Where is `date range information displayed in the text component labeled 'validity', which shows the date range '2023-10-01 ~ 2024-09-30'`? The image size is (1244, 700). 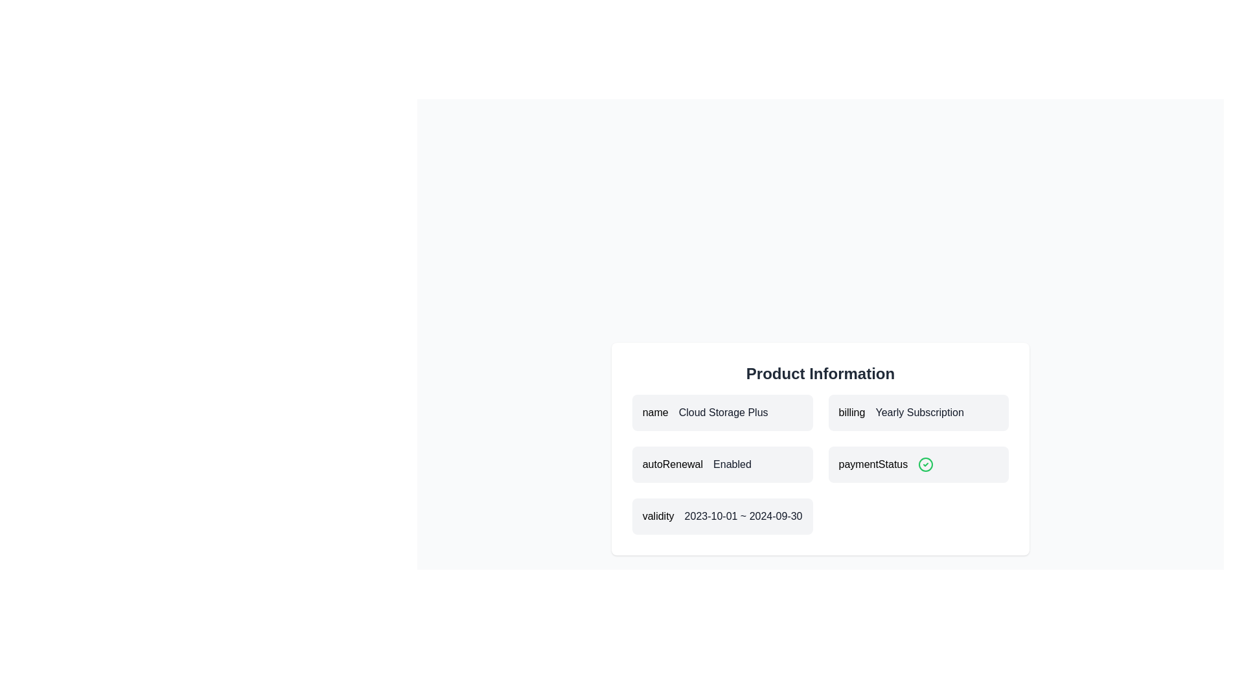
date range information displayed in the text component labeled 'validity', which shows the date range '2023-10-01 ~ 2024-09-30' is located at coordinates (722, 516).